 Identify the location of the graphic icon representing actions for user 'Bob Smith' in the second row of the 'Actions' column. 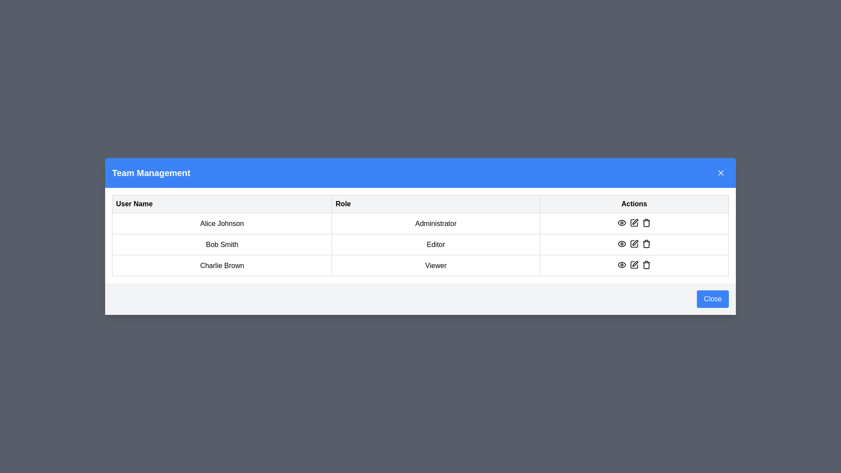
(634, 244).